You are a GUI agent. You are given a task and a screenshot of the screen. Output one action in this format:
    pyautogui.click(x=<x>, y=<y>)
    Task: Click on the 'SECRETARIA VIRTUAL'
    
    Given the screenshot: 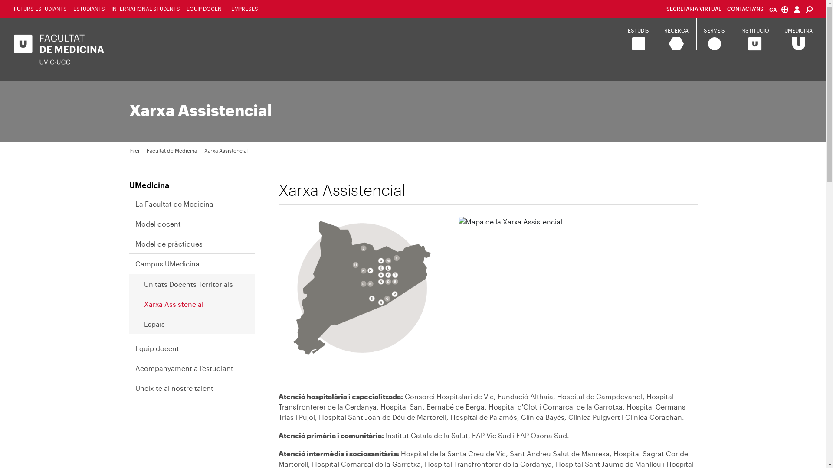 What is the action you would take?
    pyautogui.click(x=693, y=8)
    